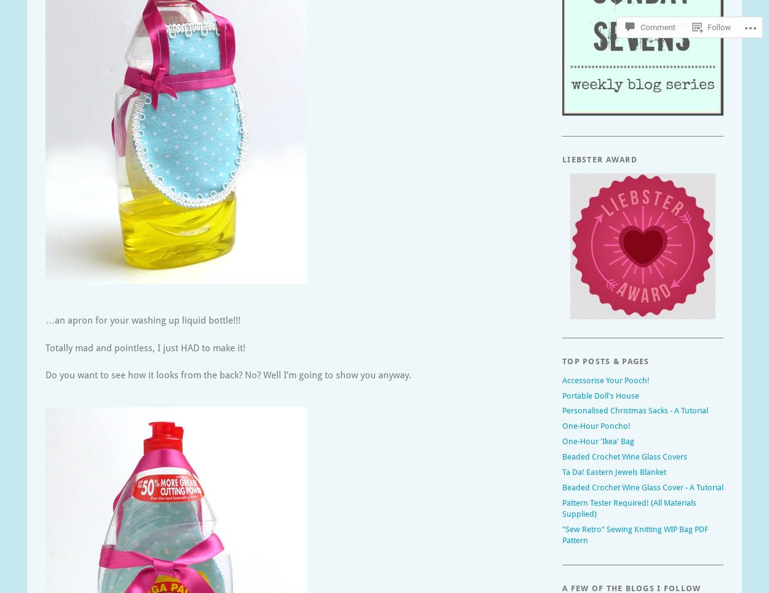  Describe the element at coordinates (613, 472) in the screenshot. I see `'Ta Da! Eastern Jewels Blanket'` at that location.